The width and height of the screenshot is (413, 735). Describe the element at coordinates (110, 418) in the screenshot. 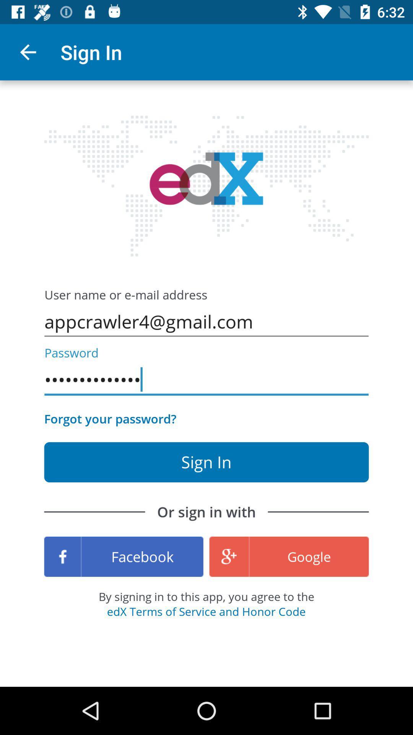

I see `forgot your password? icon` at that location.